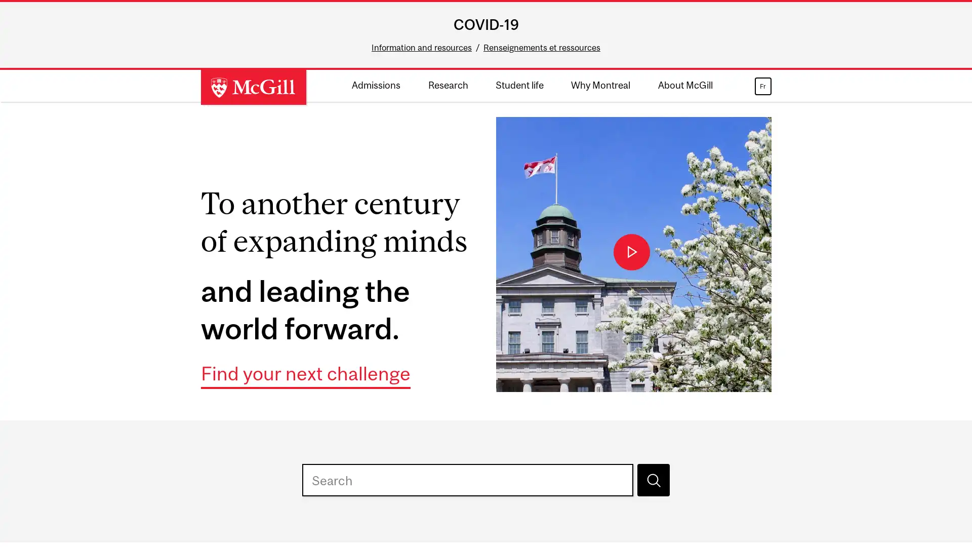  Describe the element at coordinates (519, 85) in the screenshot. I see `Student life` at that location.